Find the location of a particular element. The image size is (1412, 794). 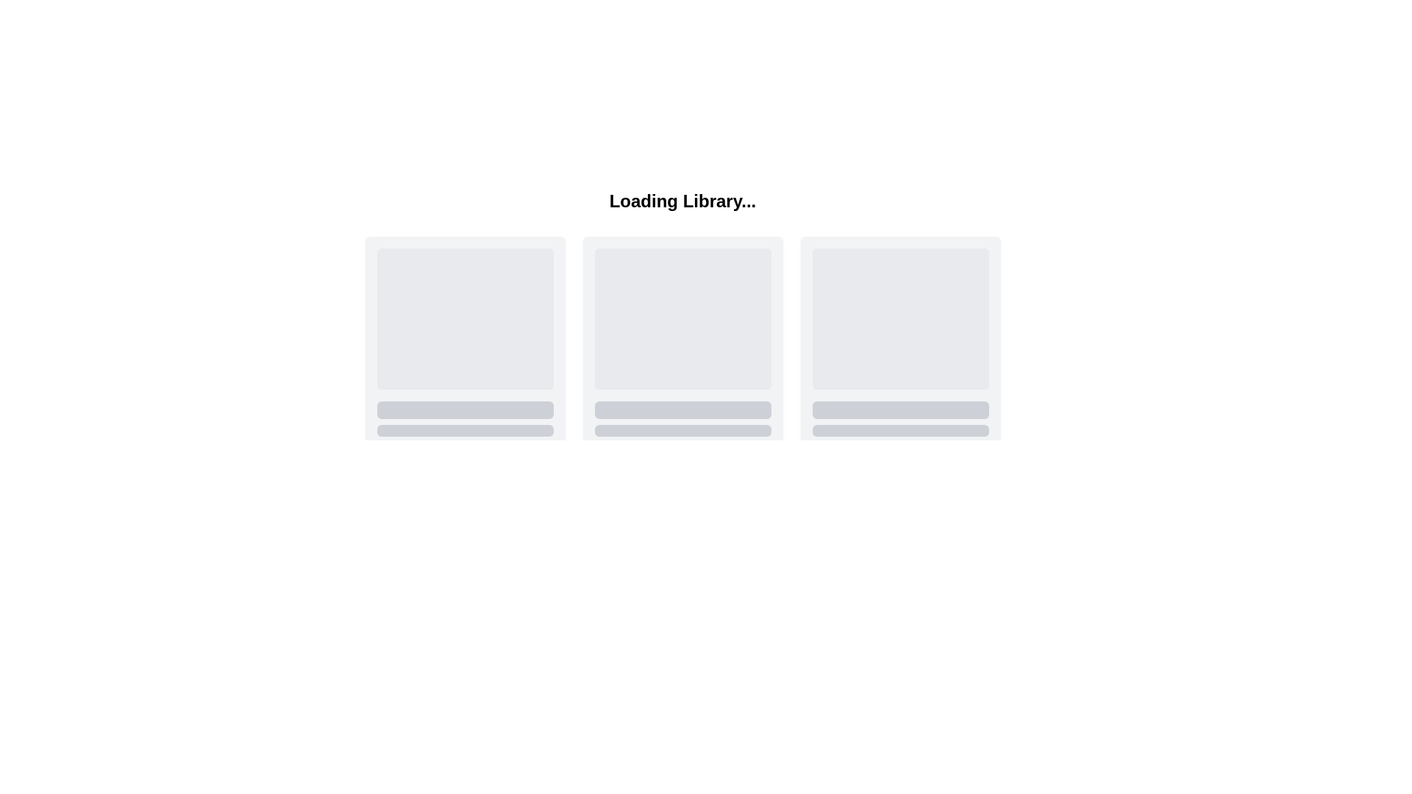

the third card in the top-right portion of the grid interface, which is a vertically oriented light gray box with rounded corners and a shadow is located at coordinates (899, 357).